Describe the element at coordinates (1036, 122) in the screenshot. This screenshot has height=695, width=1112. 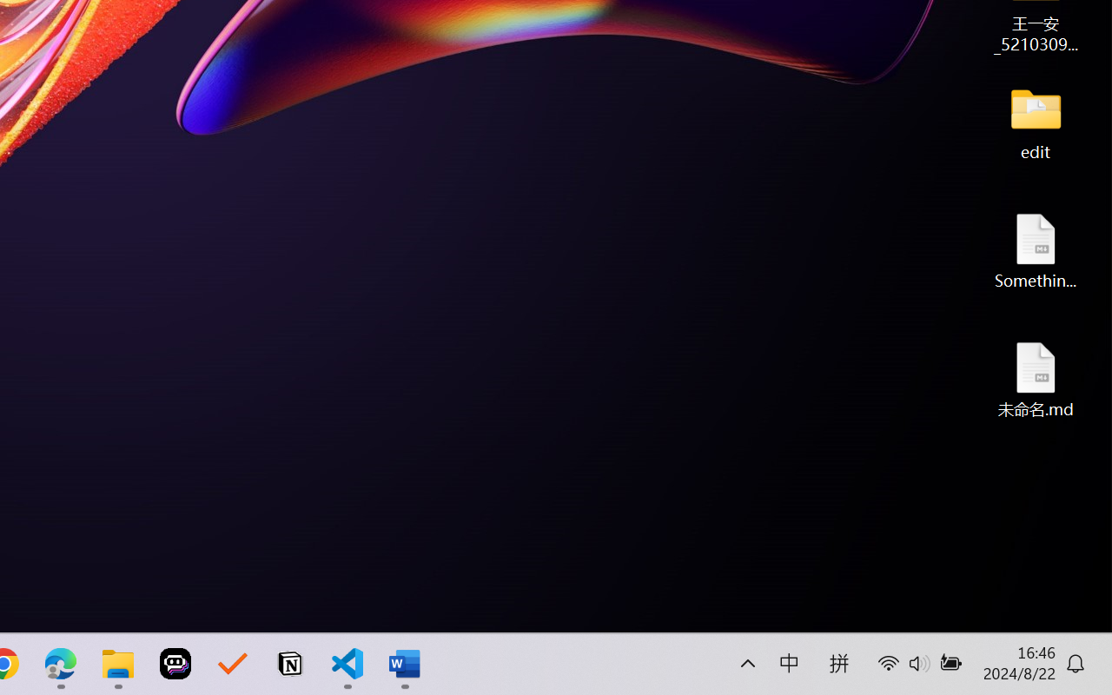
I see `'edit'` at that location.